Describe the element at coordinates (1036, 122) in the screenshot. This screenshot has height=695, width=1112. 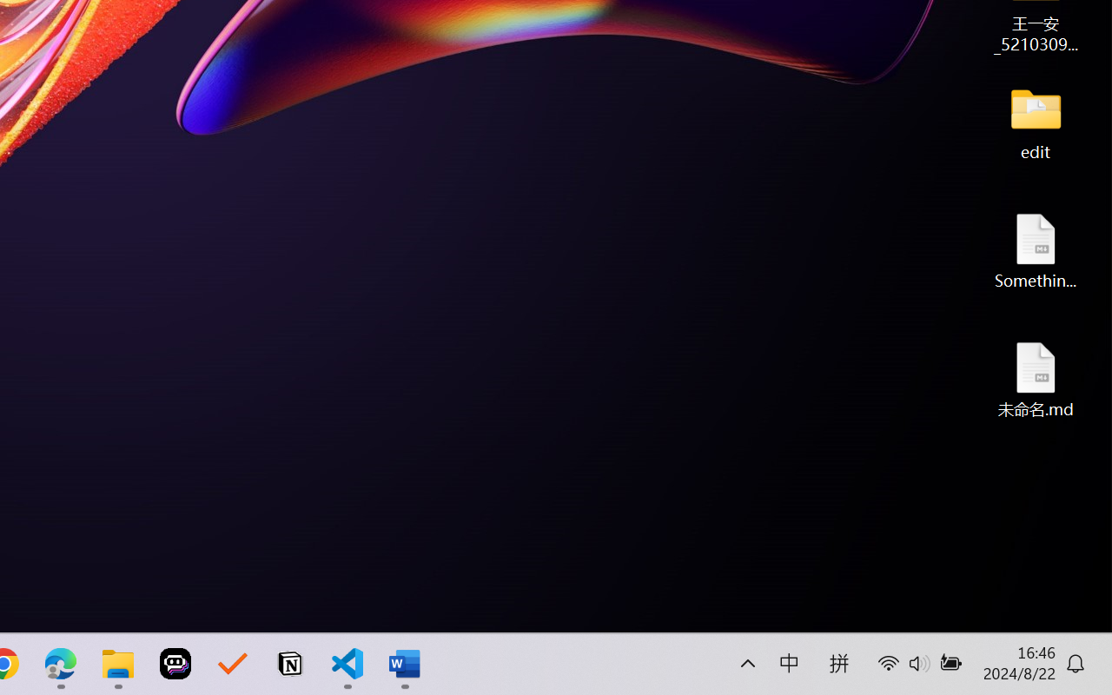
I see `'edit'` at that location.